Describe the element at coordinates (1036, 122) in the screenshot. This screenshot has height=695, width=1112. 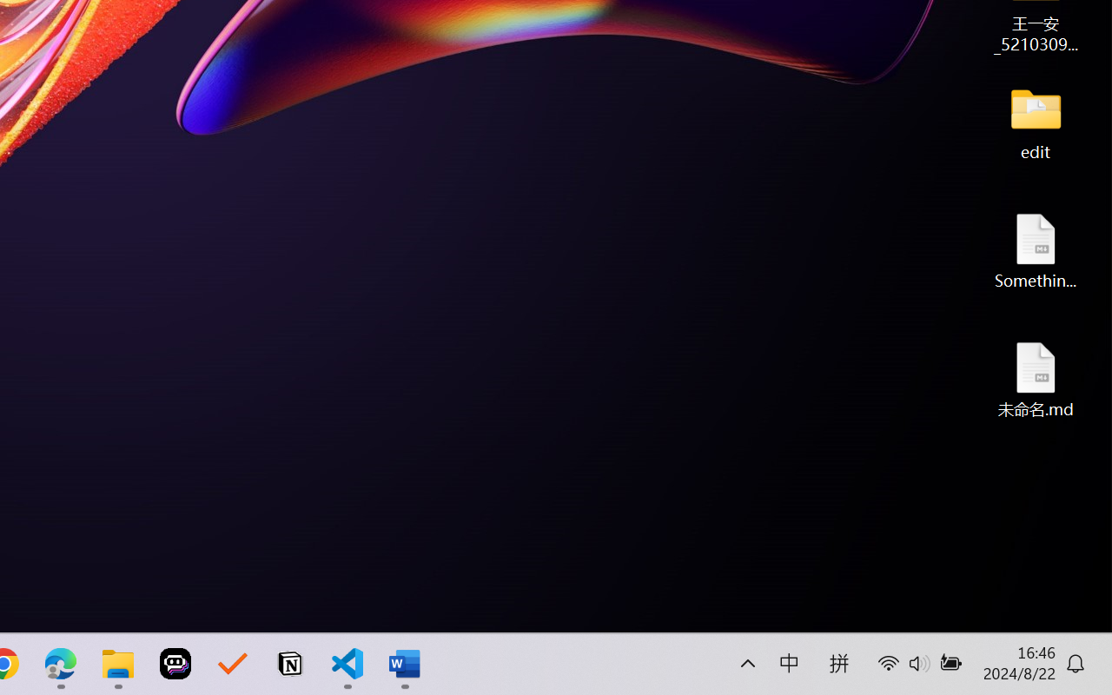
I see `'edit'` at that location.